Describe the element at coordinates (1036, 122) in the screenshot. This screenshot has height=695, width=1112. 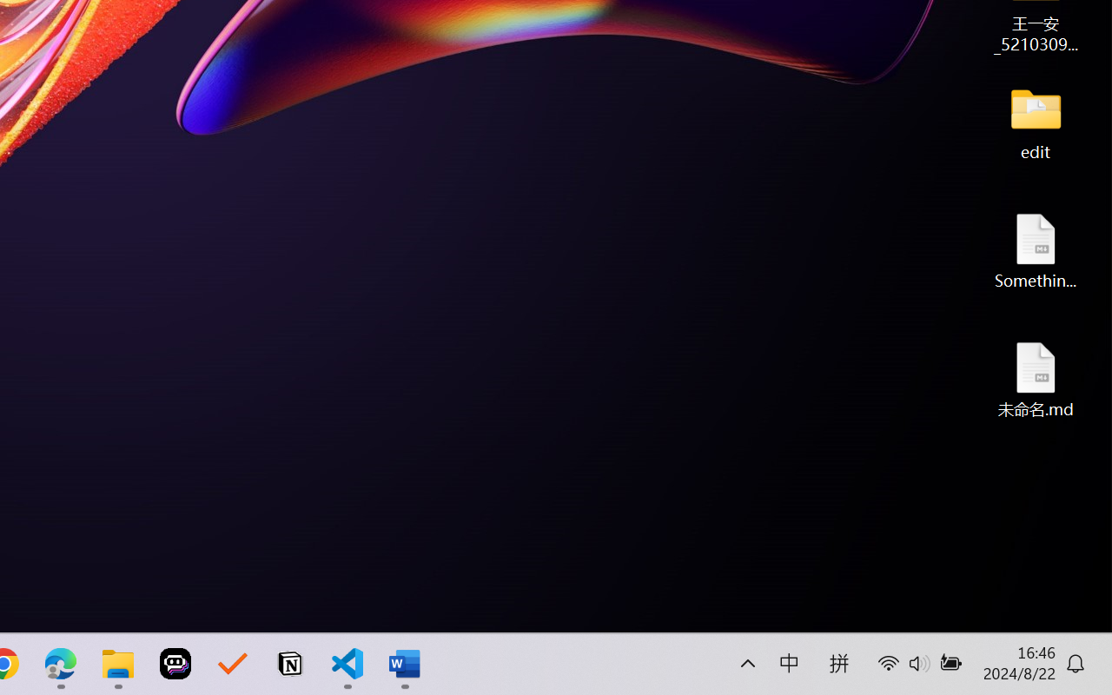
I see `'edit'` at that location.